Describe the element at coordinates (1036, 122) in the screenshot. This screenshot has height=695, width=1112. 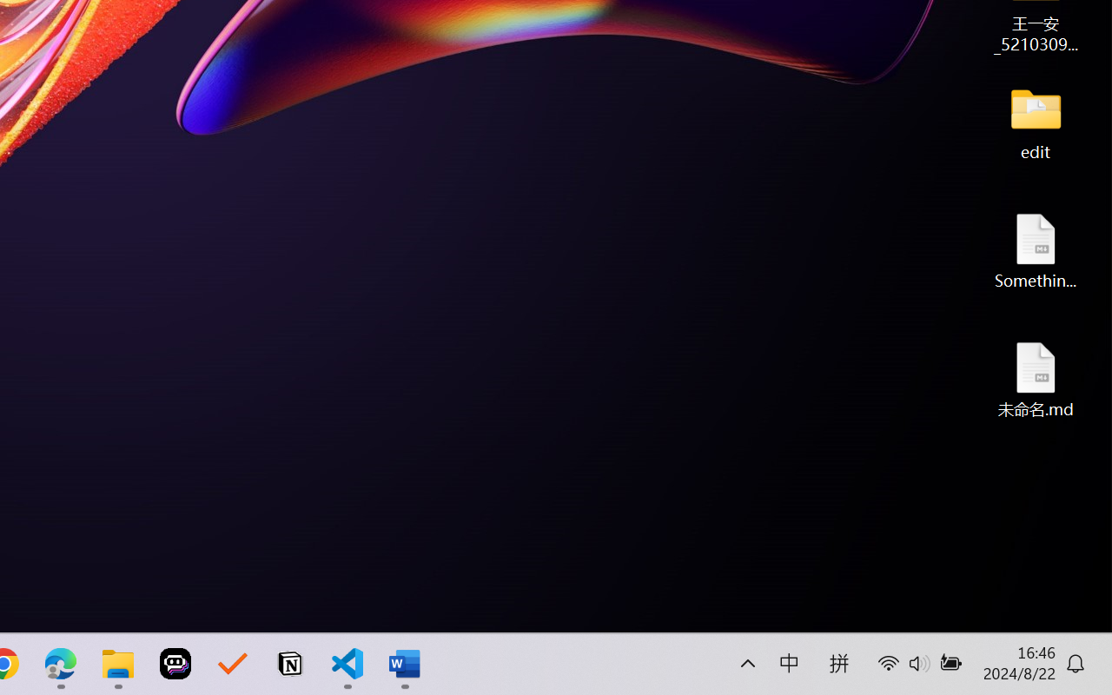
I see `'edit'` at that location.